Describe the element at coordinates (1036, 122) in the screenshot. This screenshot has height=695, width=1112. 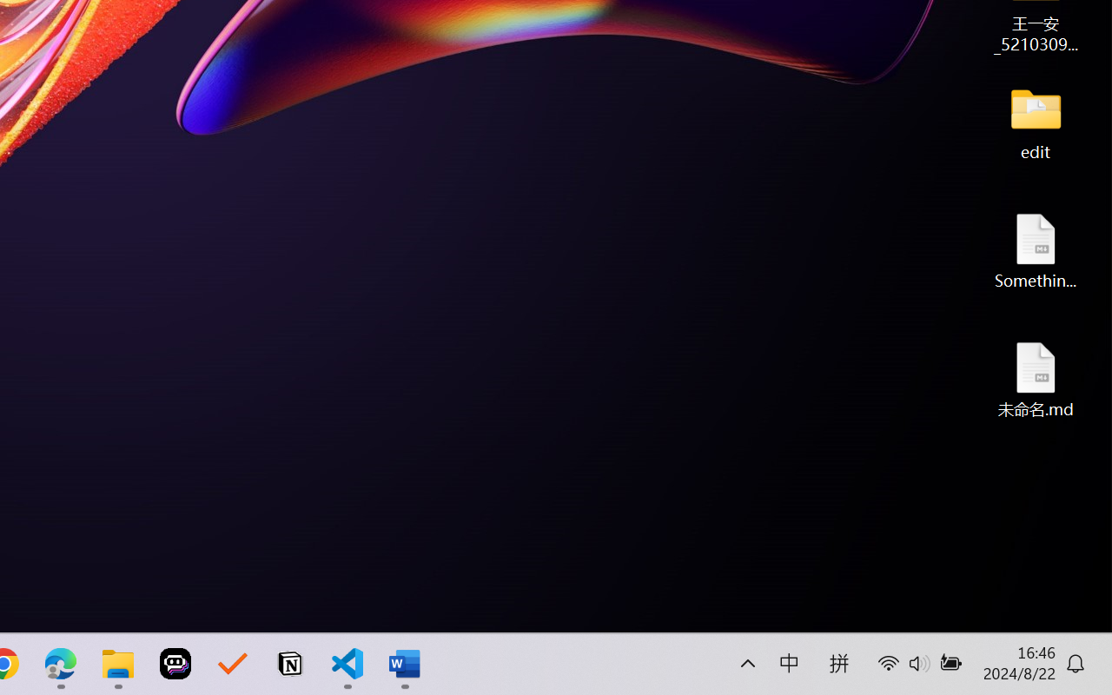
I see `'edit'` at that location.